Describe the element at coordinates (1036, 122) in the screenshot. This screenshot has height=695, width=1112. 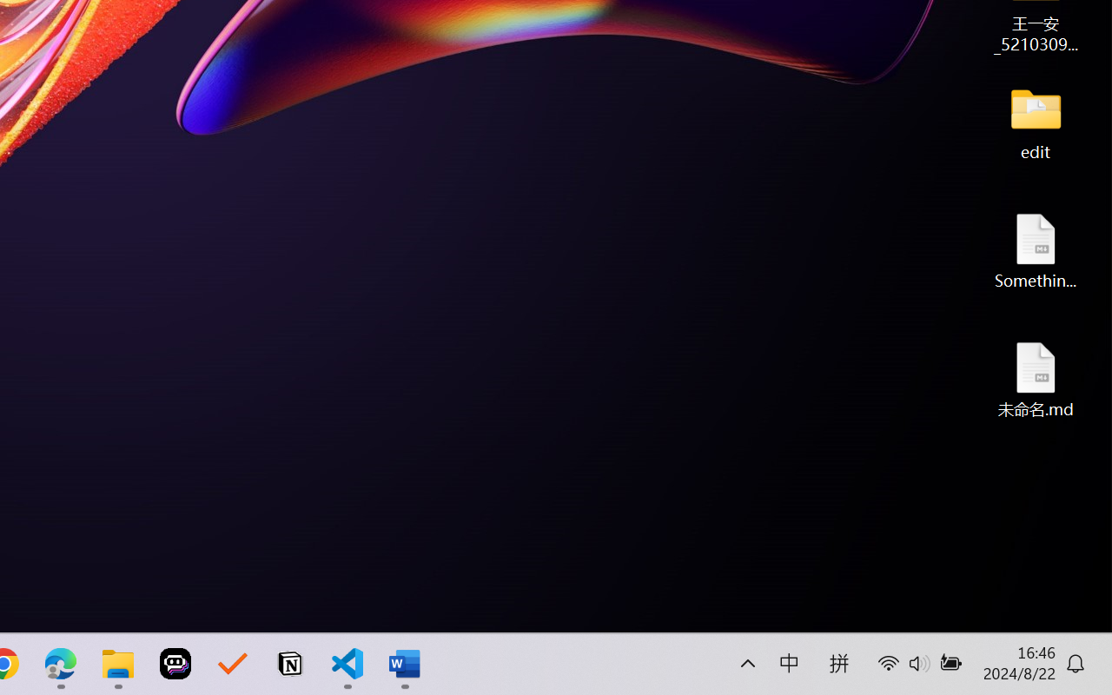
I see `'edit'` at that location.